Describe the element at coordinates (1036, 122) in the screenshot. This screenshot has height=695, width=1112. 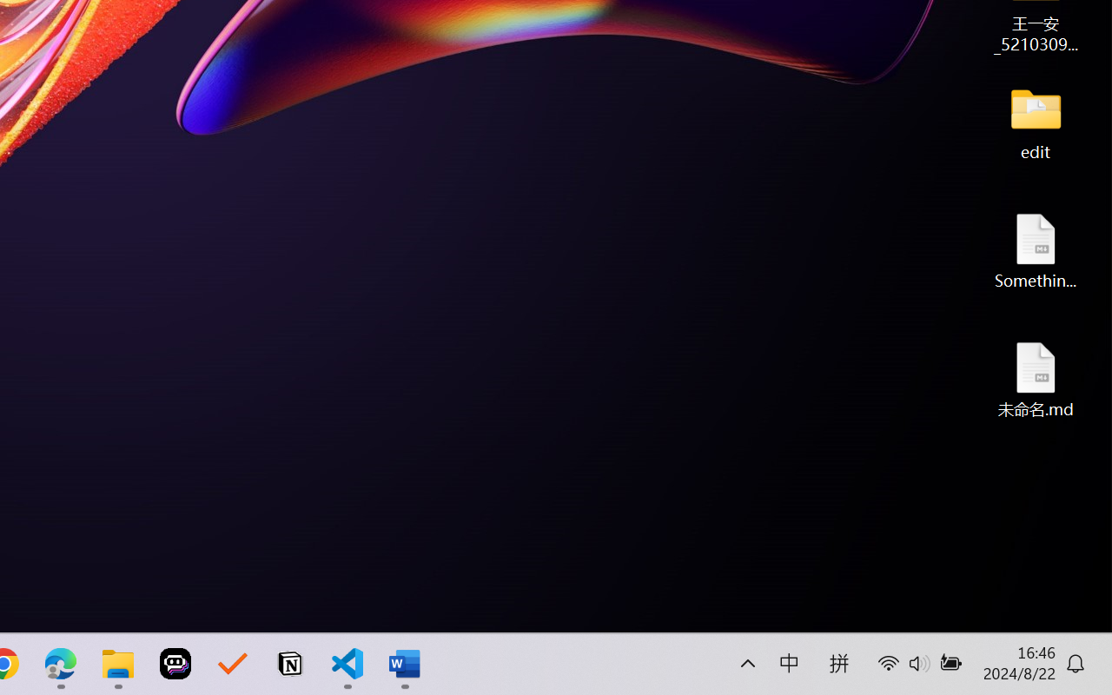
I see `'edit'` at that location.